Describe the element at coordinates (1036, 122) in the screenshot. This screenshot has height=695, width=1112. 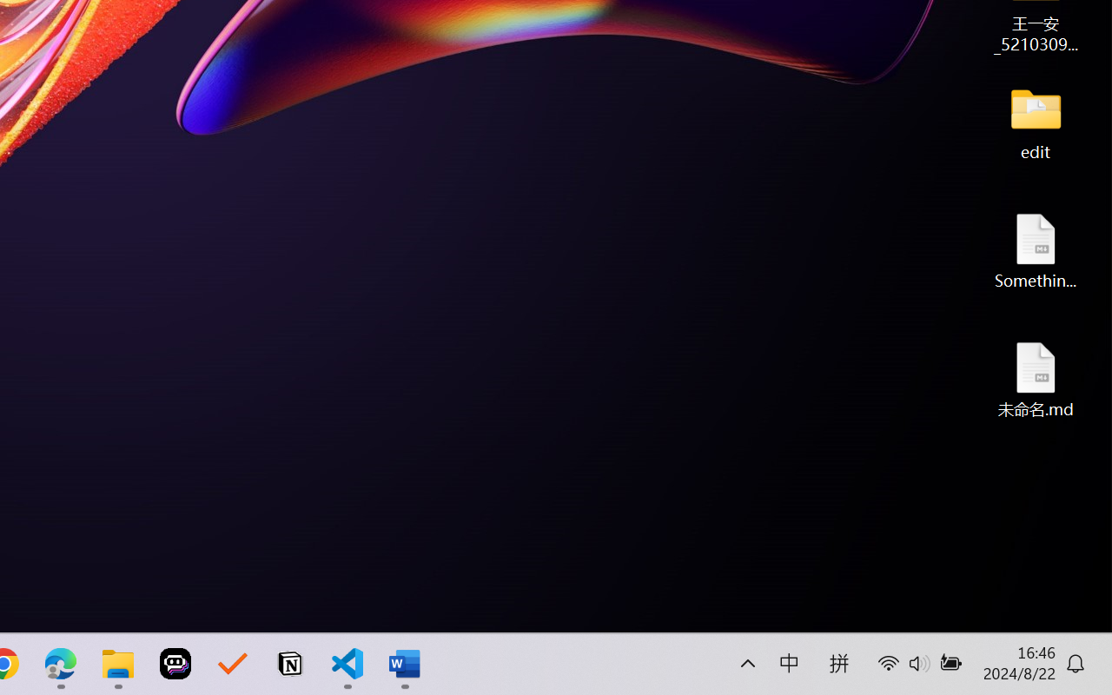
I see `'edit'` at that location.